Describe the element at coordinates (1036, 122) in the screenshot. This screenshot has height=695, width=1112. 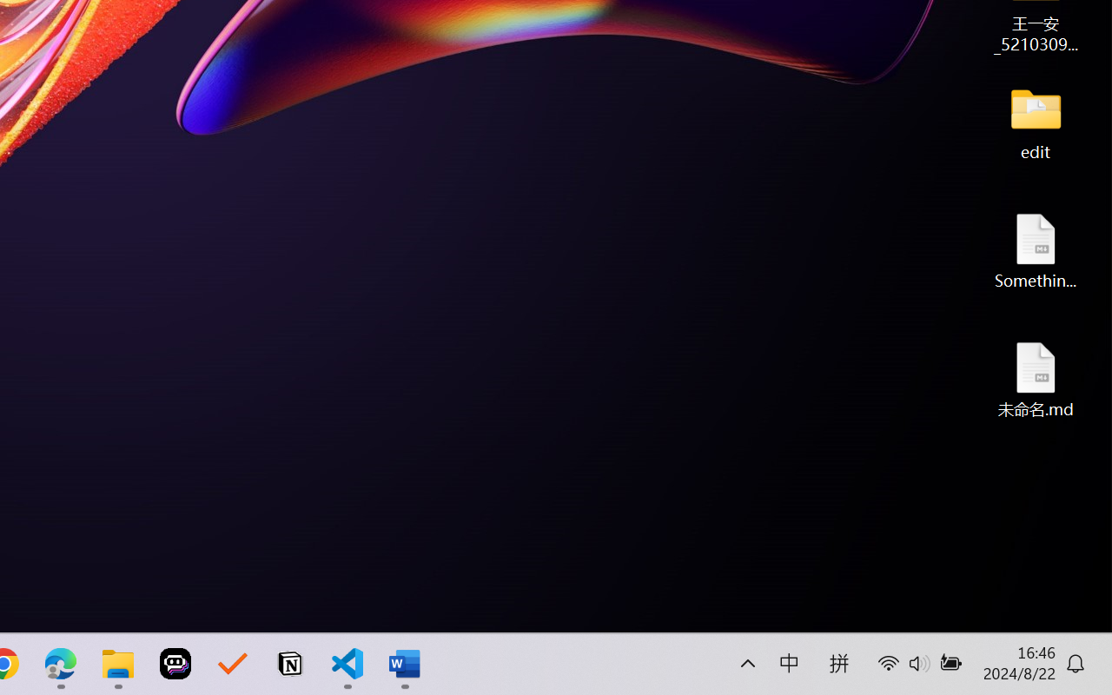
I see `'edit'` at that location.